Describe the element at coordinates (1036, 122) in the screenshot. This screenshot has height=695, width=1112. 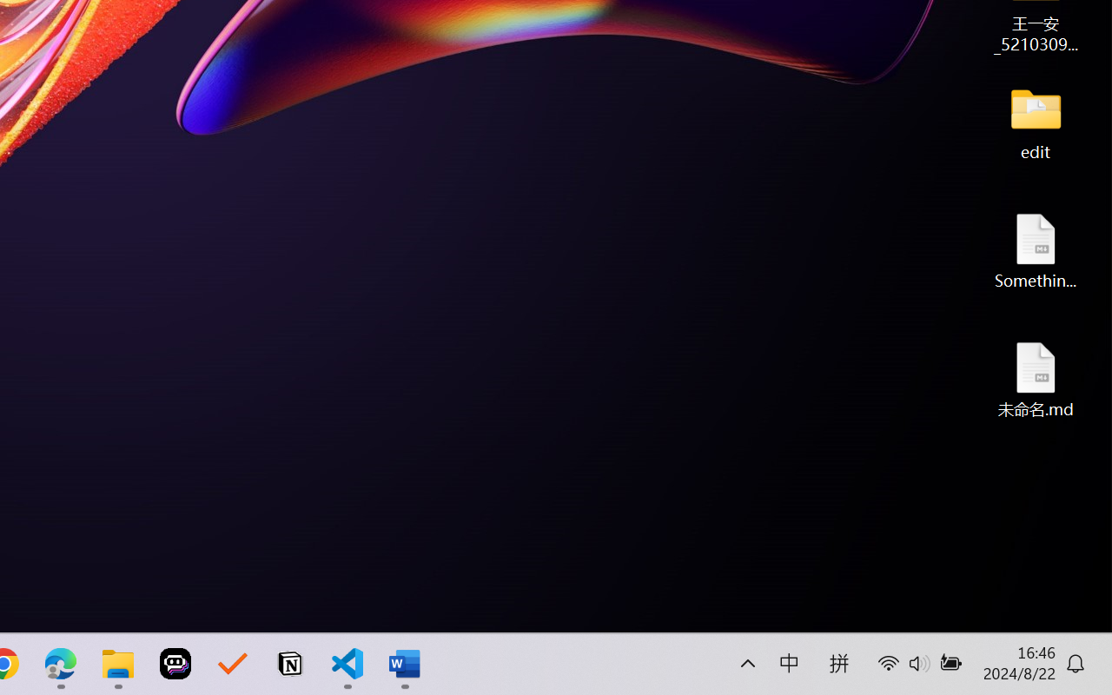
I see `'edit'` at that location.